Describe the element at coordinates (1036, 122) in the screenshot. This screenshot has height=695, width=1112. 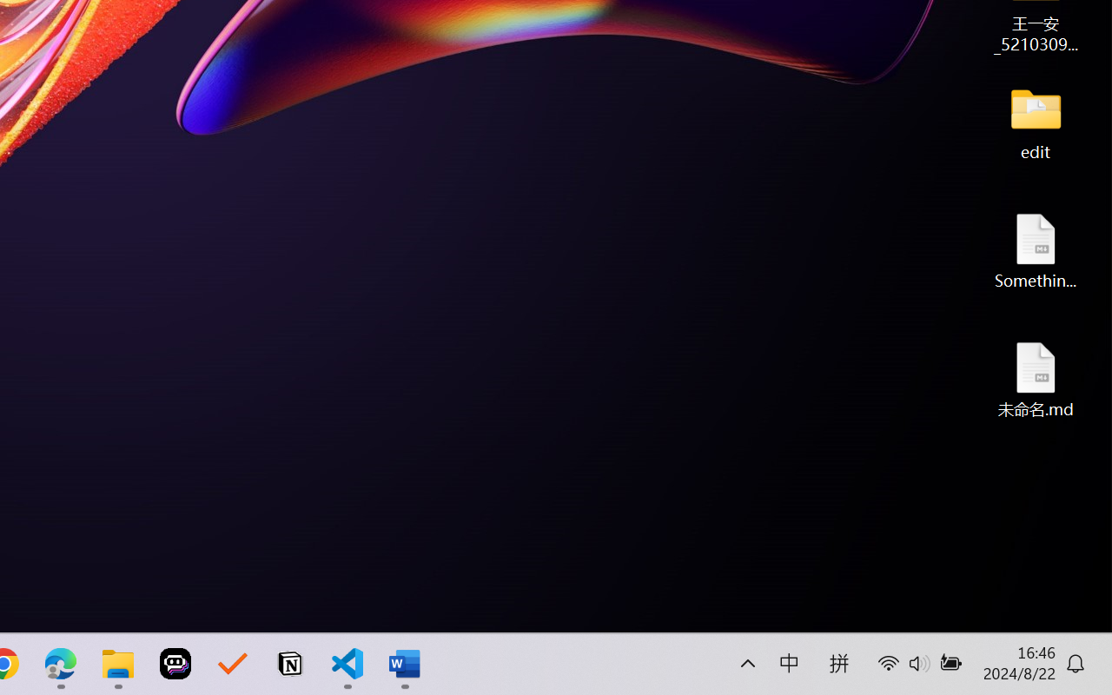
I see `'edit'` at that location.